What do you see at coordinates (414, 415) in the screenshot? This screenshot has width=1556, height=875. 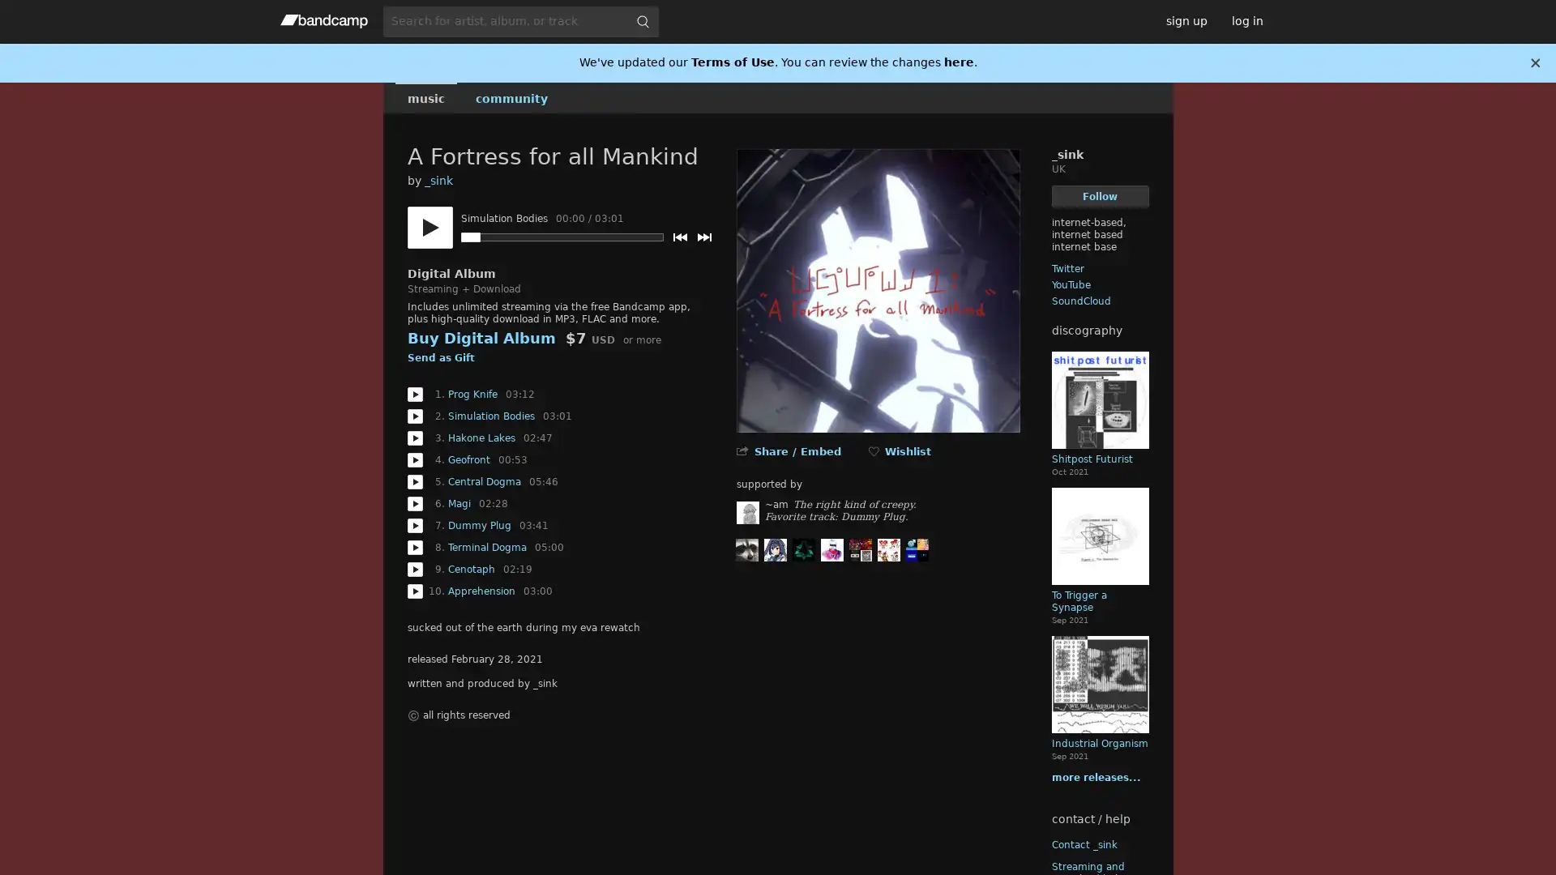 I see `Play Simulation Bodies` at bounding box center [414, 415].